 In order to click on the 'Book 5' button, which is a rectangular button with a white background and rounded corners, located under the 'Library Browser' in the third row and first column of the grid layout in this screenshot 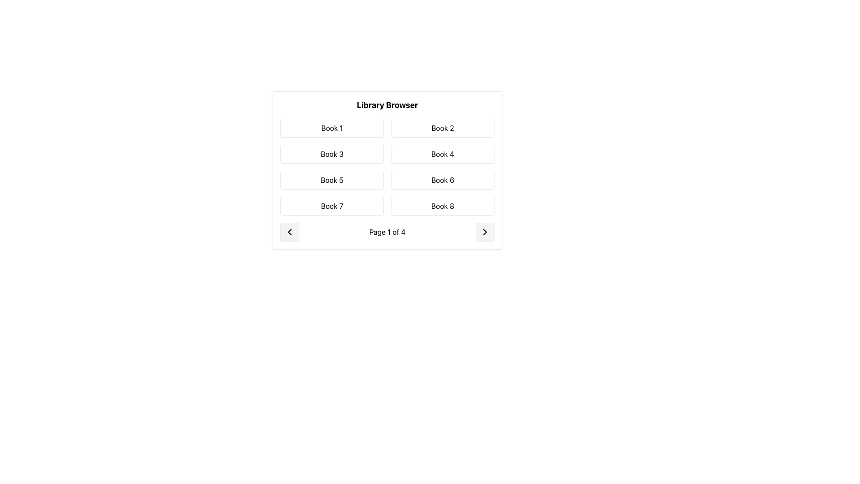, I will do `click(331, 180)`.